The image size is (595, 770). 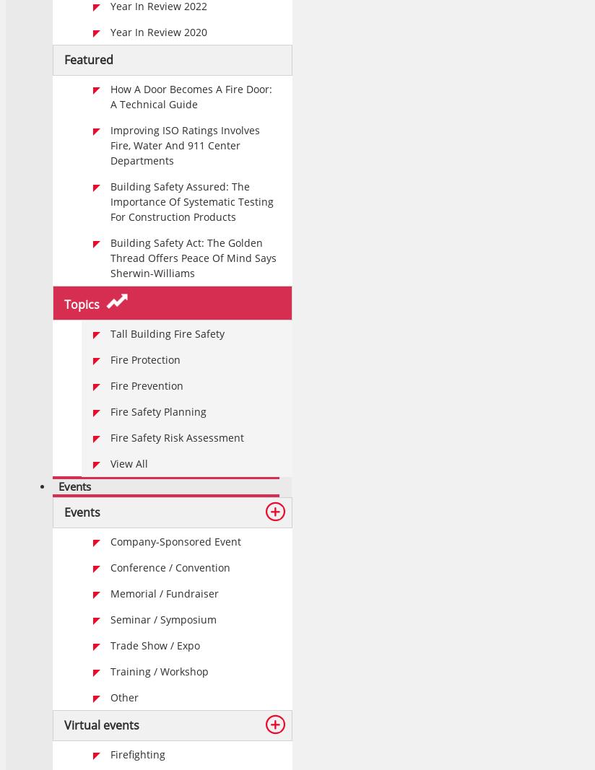 I want to click on 'Improving ISO Ratings Involves Fire, Water And 911 Center Departments', so click(x=185, y=145).